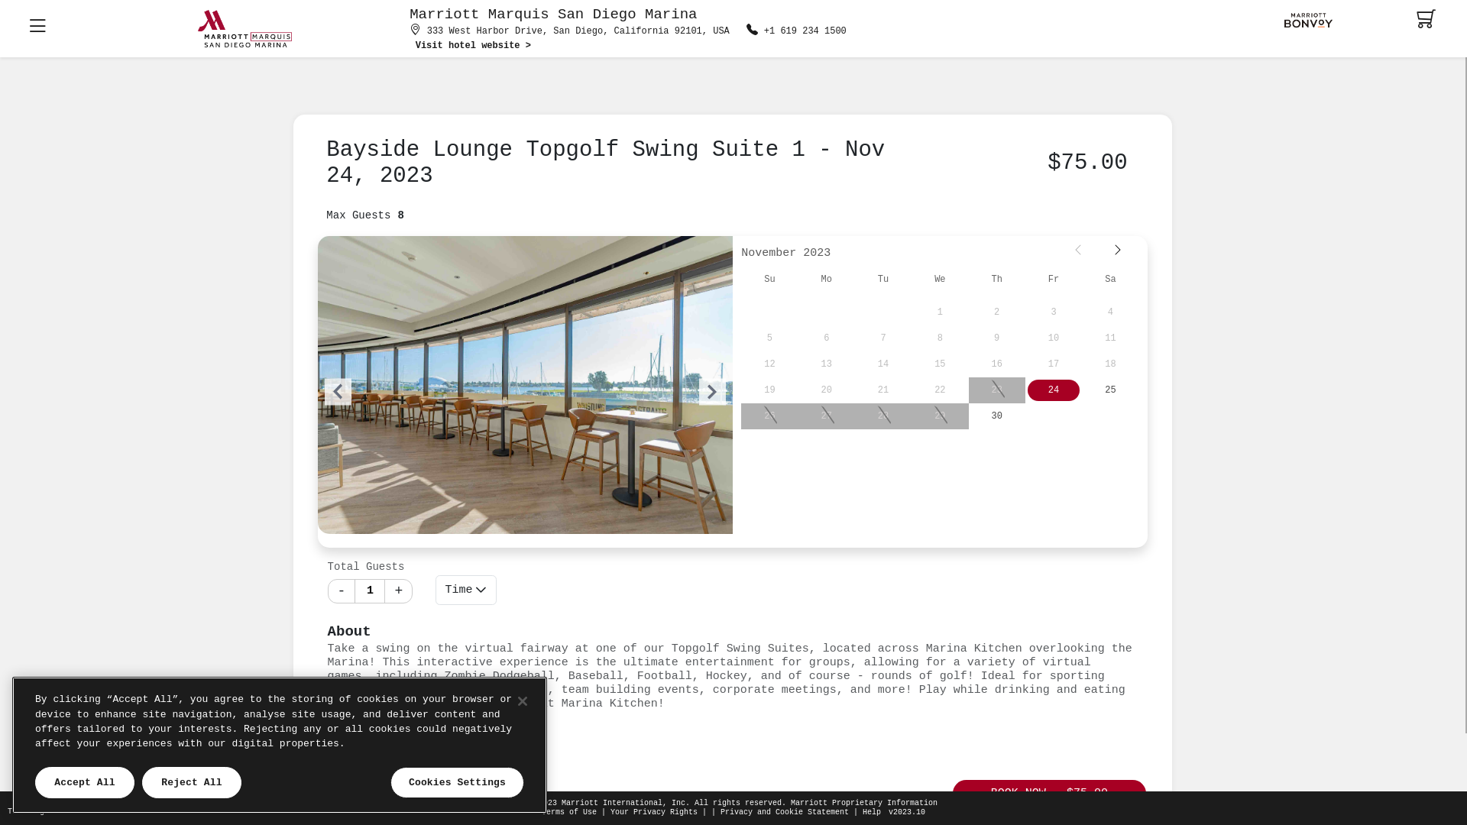 The width and height of the screenshot is (1467, 825). Describe the element at coordinates (785, 811) in the screenshot. I see `'Privacy and Cookie Statement'` at that location.